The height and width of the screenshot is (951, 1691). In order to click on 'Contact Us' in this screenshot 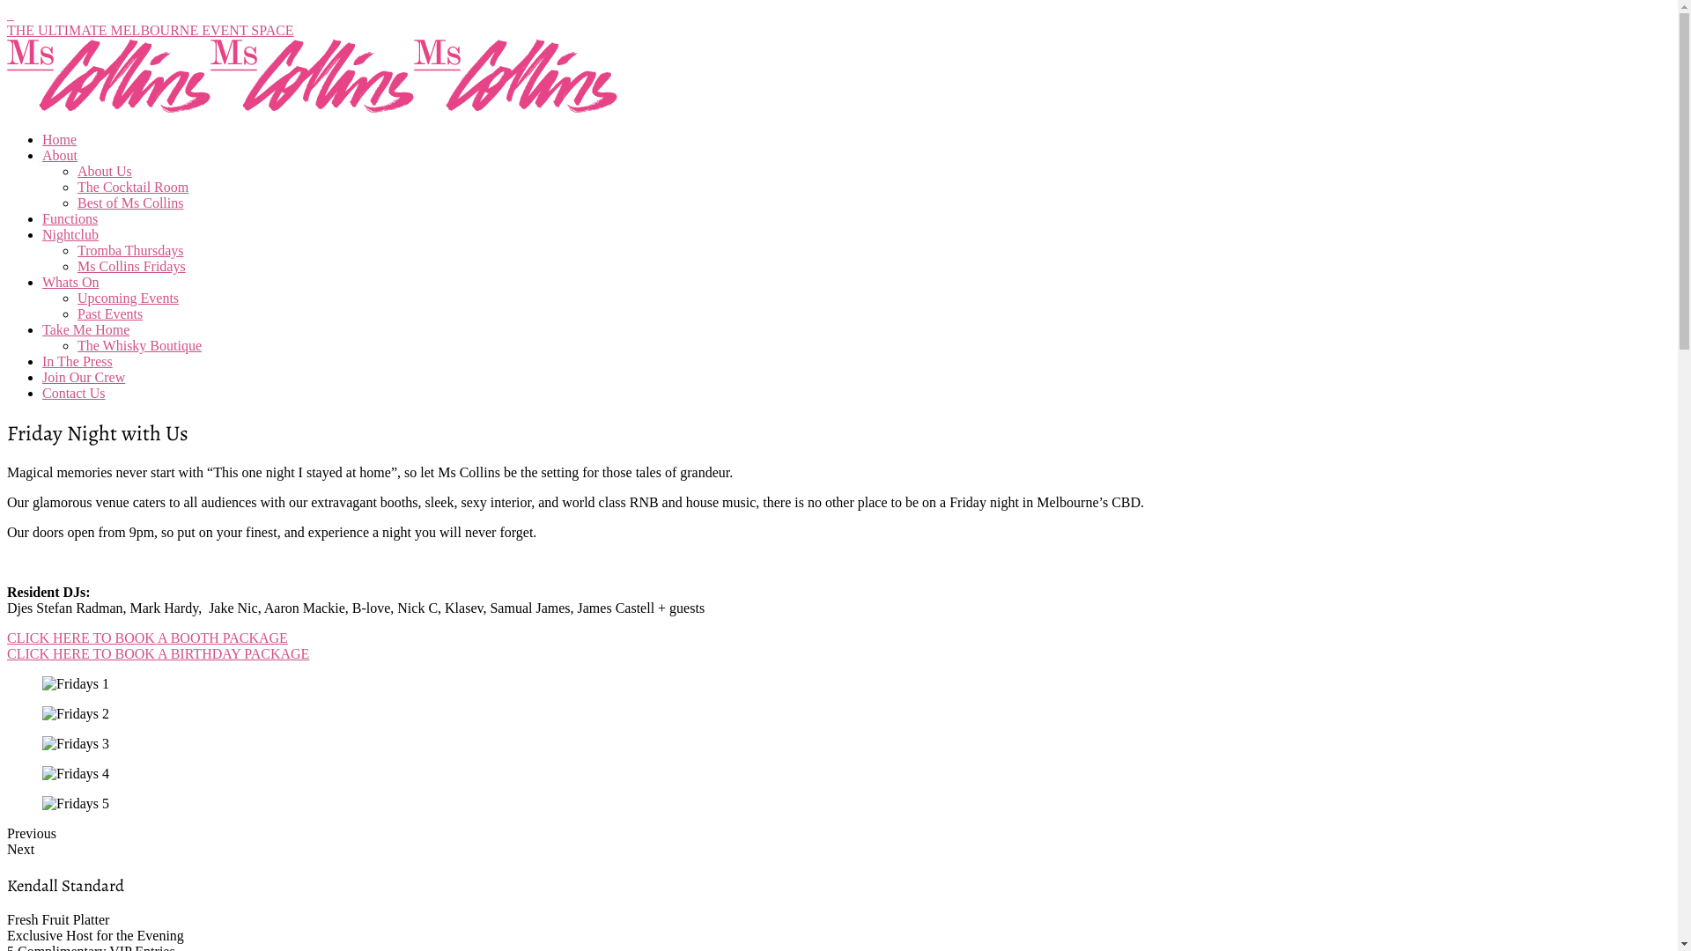, I will do `click(72, 392)`.